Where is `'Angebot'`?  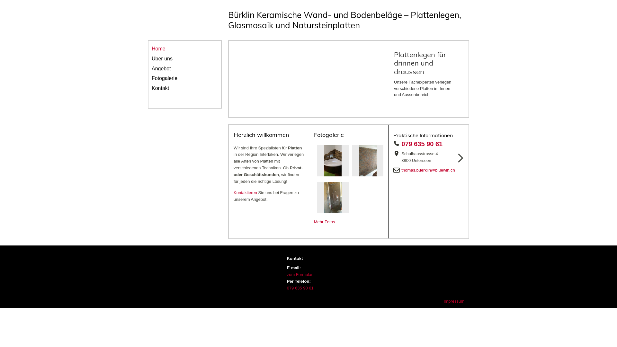
'Angebot' is located at coordinates (184, 69).